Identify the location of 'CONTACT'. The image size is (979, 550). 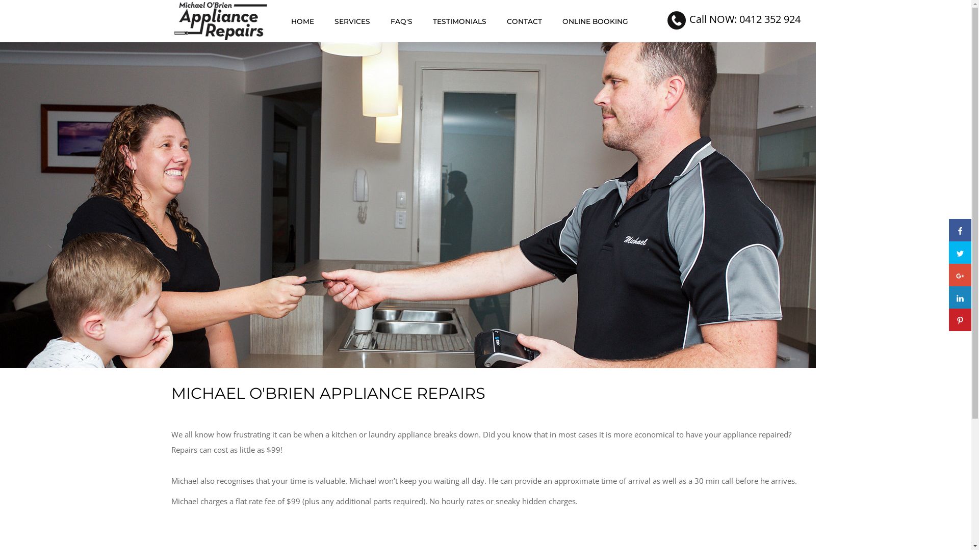
(524, 21).